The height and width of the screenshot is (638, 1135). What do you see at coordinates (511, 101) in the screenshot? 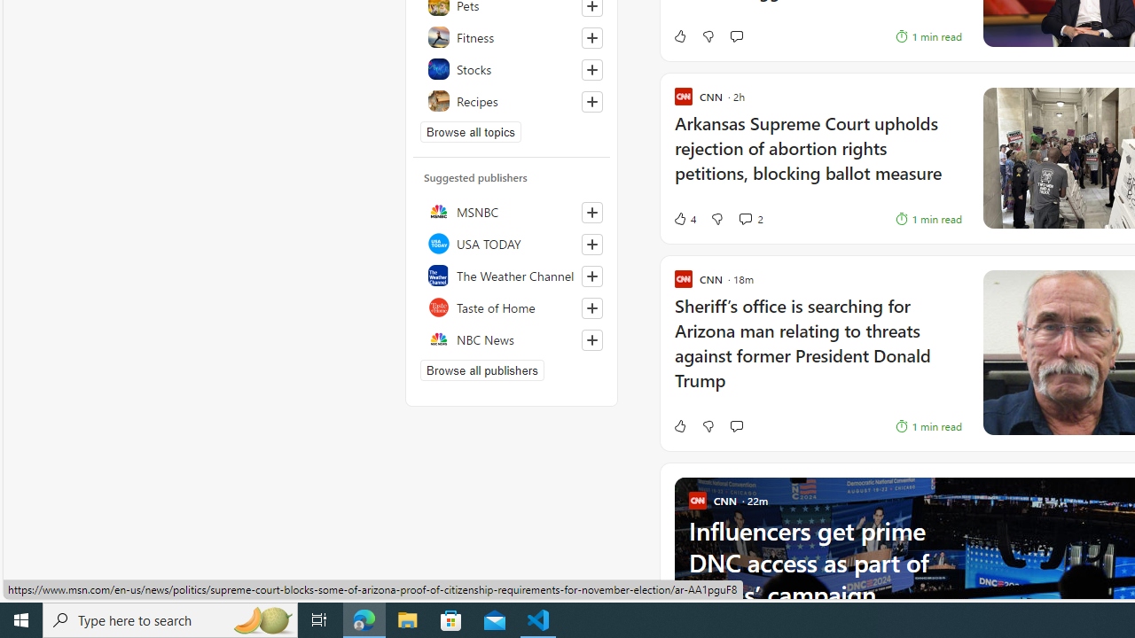
I see `'Recipes'` at bounding box center [511, 101].